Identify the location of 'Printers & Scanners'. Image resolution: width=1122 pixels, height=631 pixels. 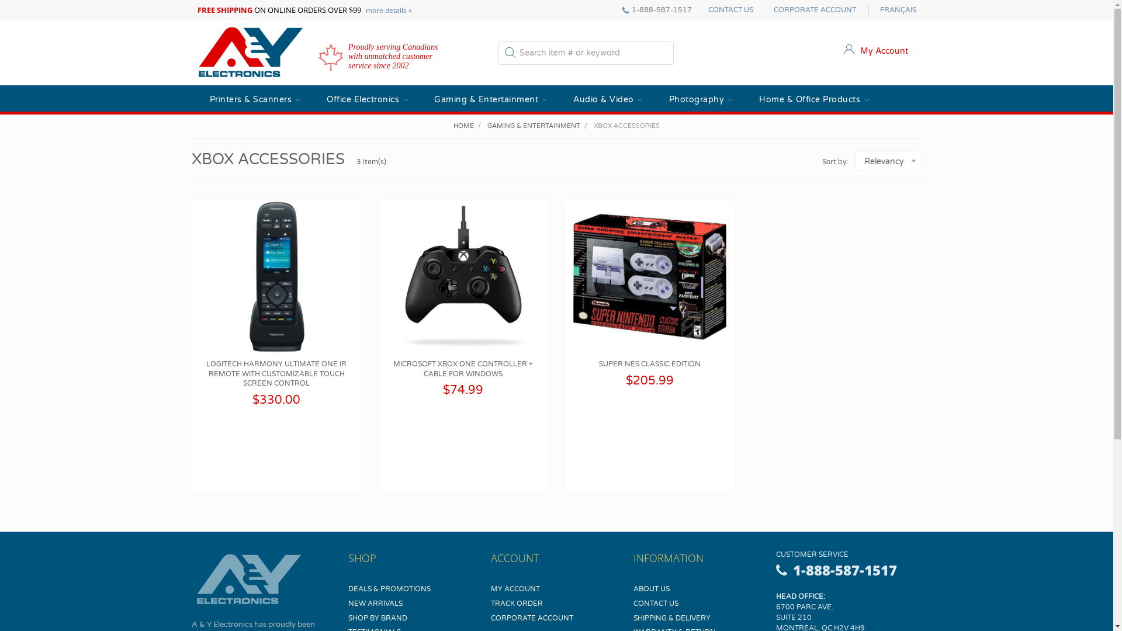
(250, 99).